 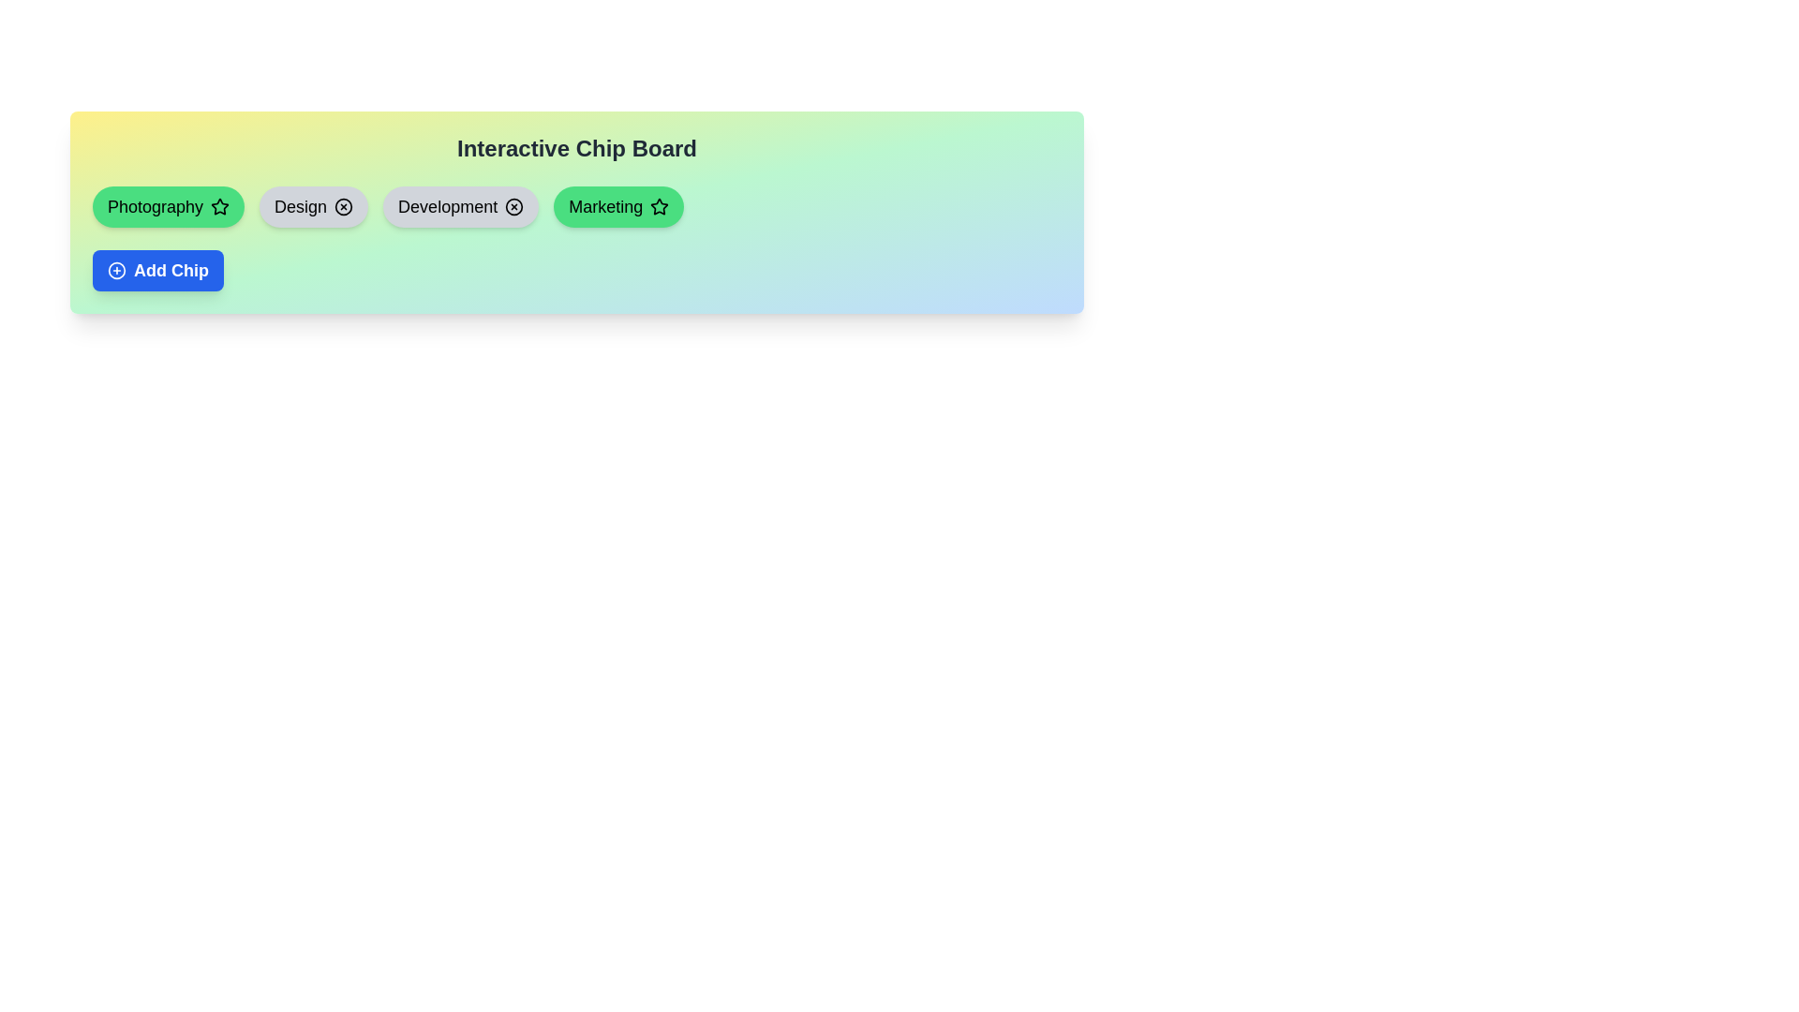 What do you see at coordinates (344, 206) in the screenshot?
I see `the outer circle of the 'Design' chip icon, which signifies a specific feature or status related to the 'Design' category` at bounding box center [344, 206].